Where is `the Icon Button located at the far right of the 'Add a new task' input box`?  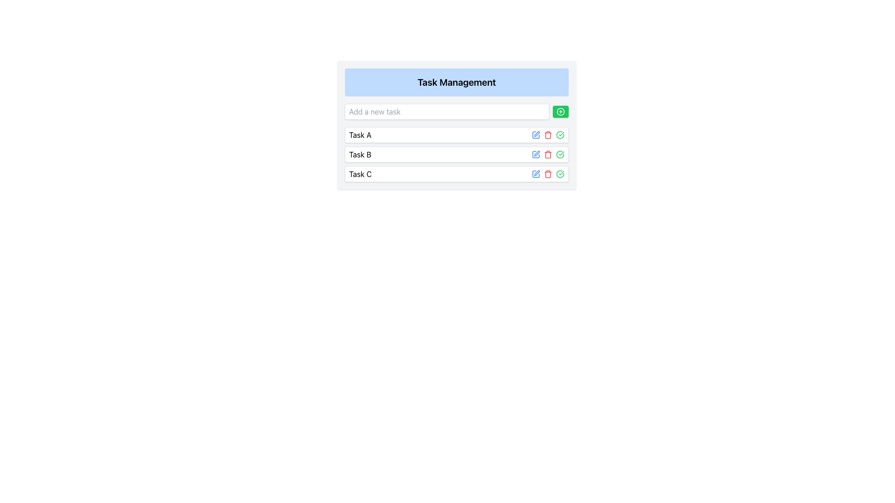
the Icon Button located at the far right of the 'Add a new task' input box is located at coordinates (560, 111).